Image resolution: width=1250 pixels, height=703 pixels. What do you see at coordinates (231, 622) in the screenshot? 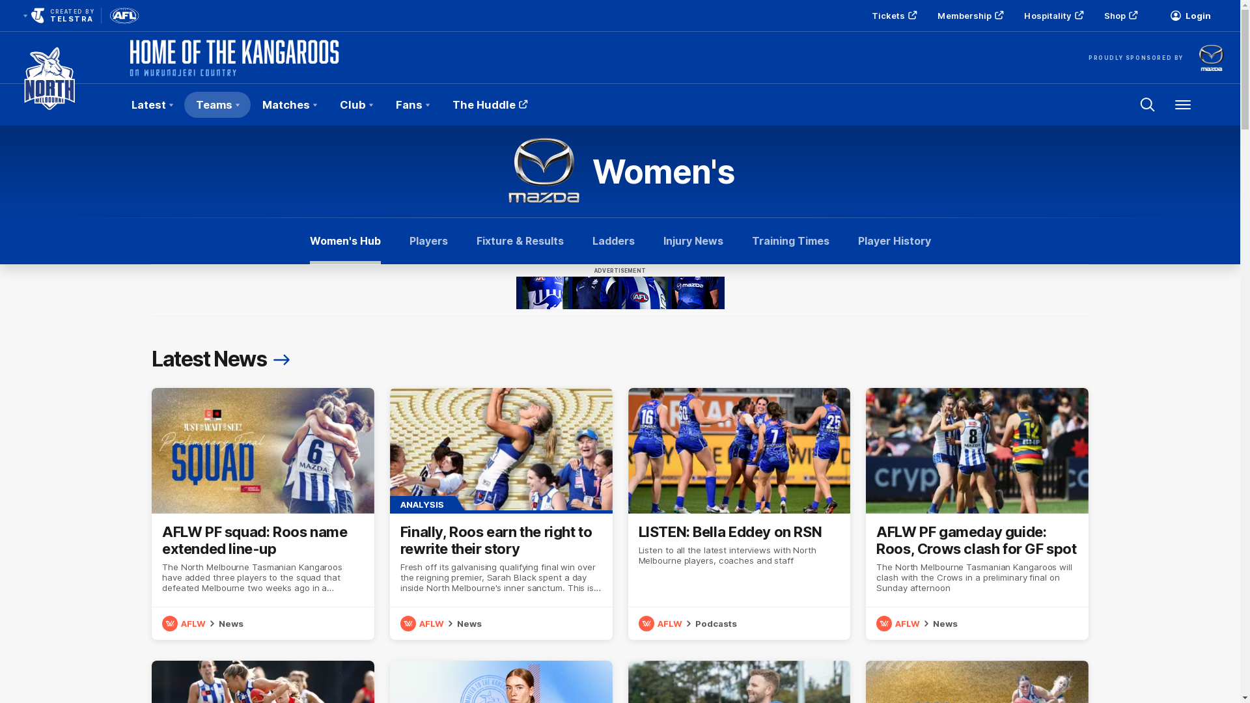
I see `'News'` at bounding box center [231, 622].